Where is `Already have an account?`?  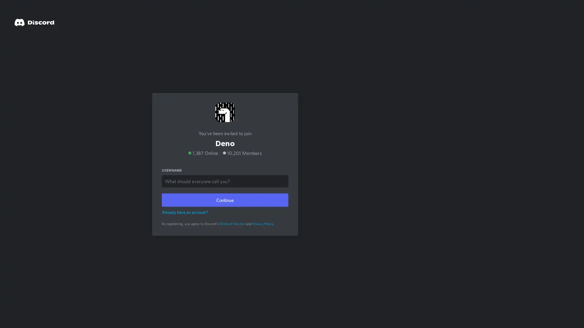
Already have an account? is located at coordinates (185, 211).